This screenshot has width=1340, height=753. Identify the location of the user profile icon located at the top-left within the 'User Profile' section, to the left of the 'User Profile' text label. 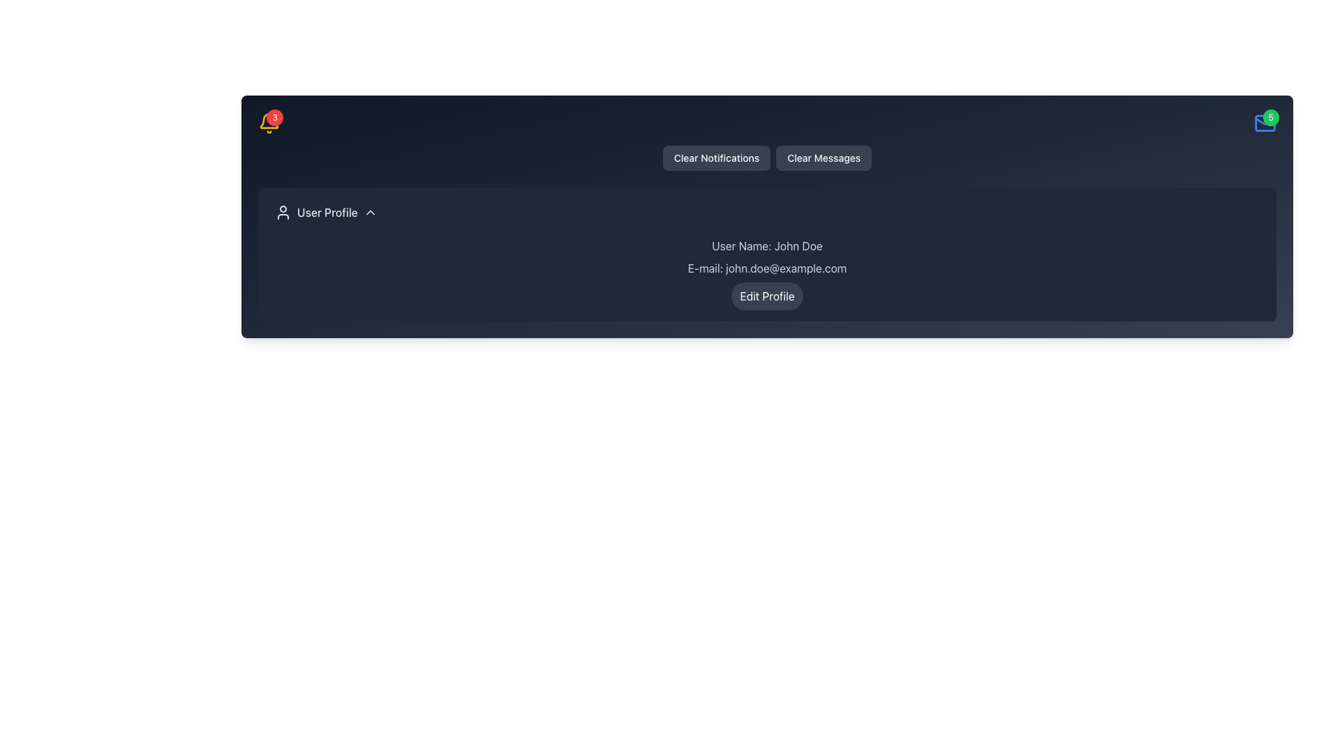
(283, 212).